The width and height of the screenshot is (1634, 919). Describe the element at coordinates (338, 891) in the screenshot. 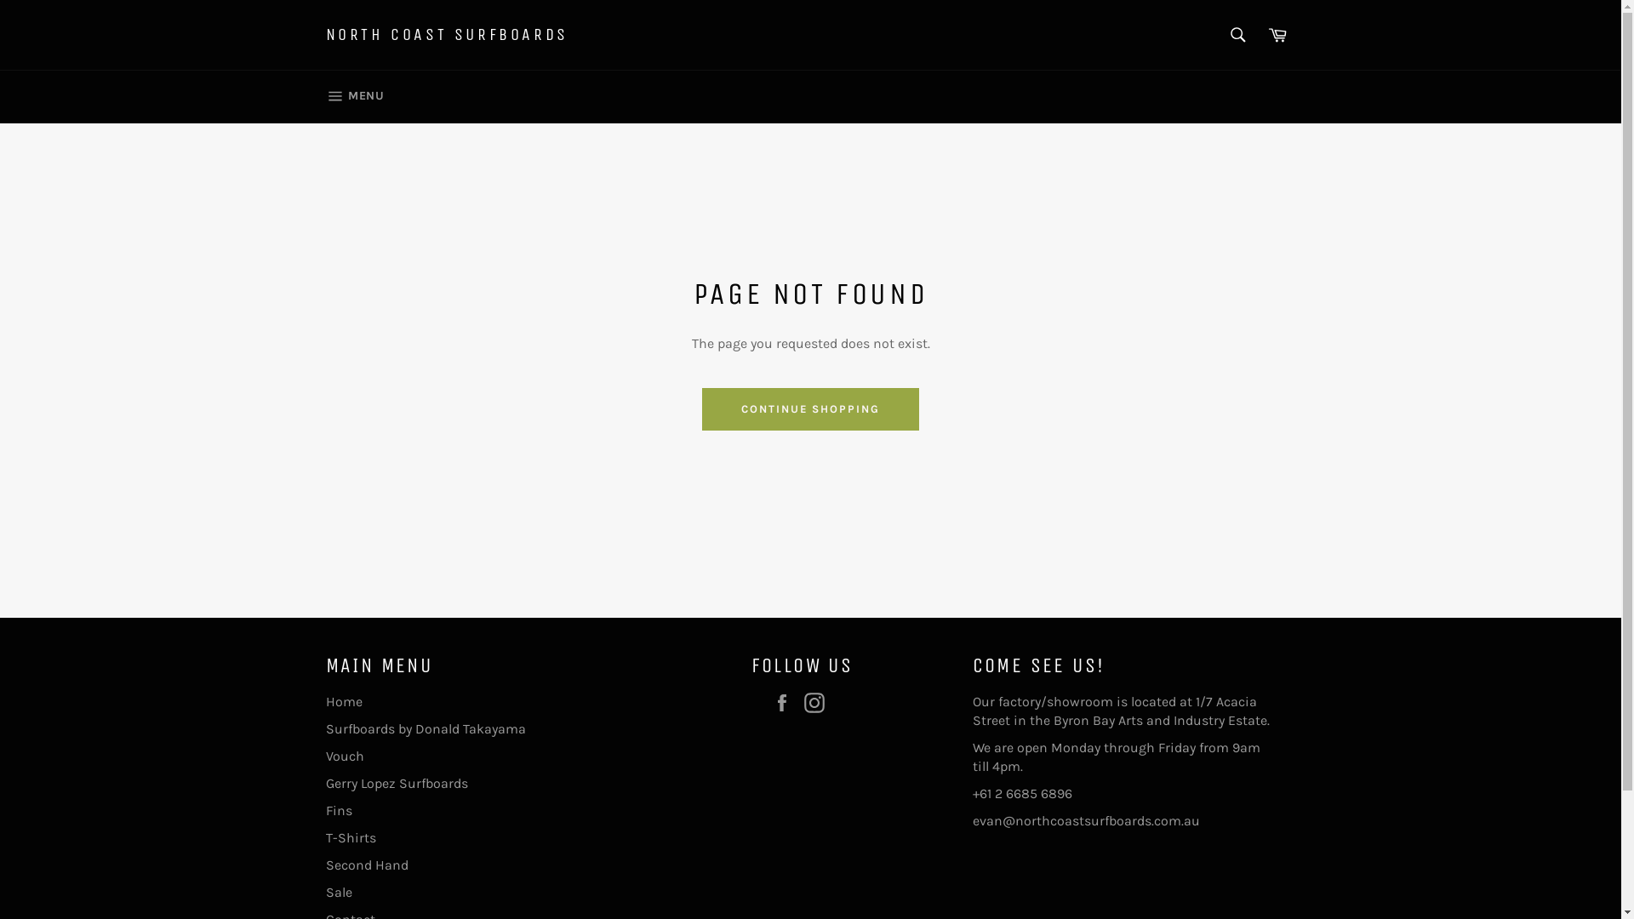

I see `'Sale'` at that location.